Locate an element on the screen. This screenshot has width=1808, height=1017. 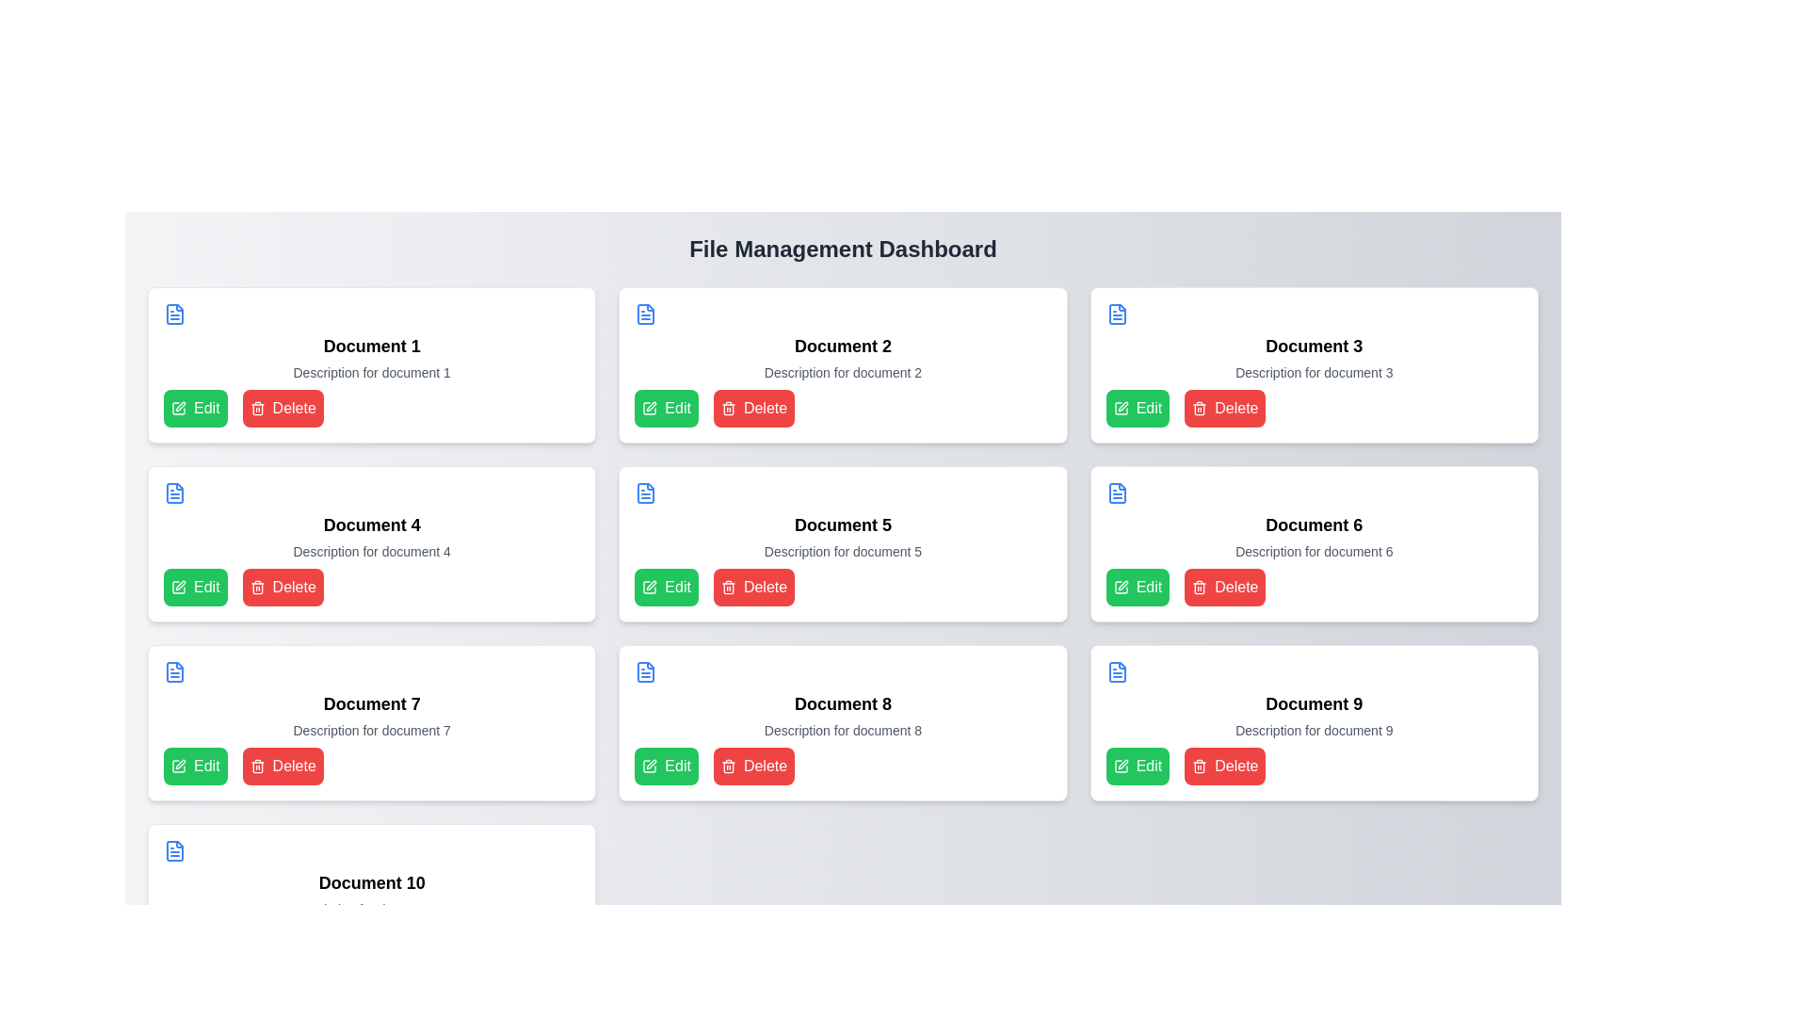
the small document file icon with a blue outline located at the top-left corner of the 'Document 6' card is located at coordinates (1117, 492).